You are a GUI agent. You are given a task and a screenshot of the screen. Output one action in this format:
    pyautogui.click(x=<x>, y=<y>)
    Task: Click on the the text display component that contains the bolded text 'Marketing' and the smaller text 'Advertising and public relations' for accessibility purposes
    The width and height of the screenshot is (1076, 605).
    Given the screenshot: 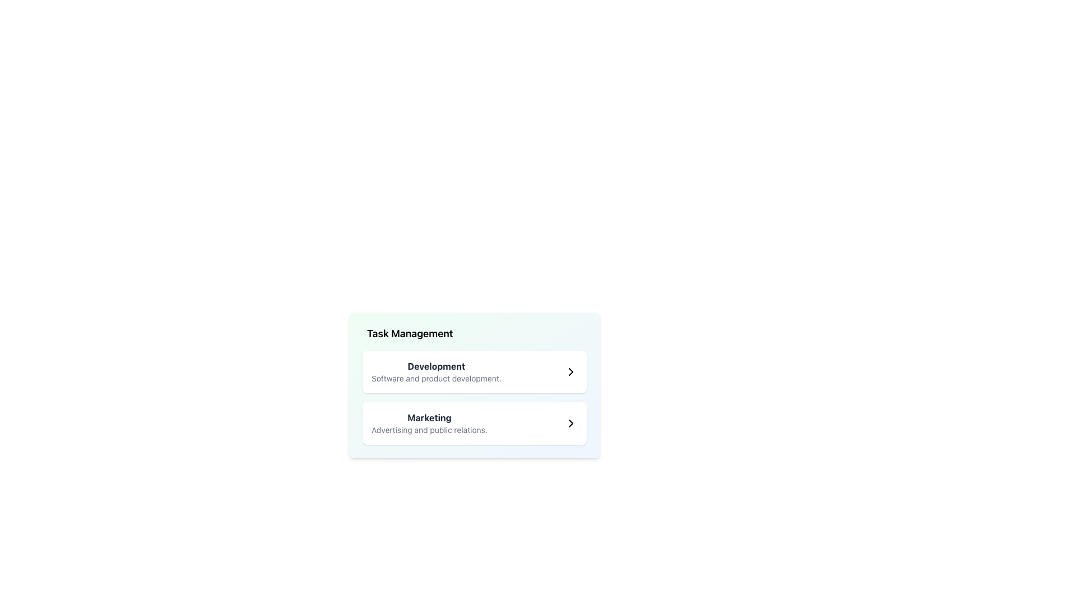 What is the action you would take?
    pyautogui.click(x=429, y=424)
    